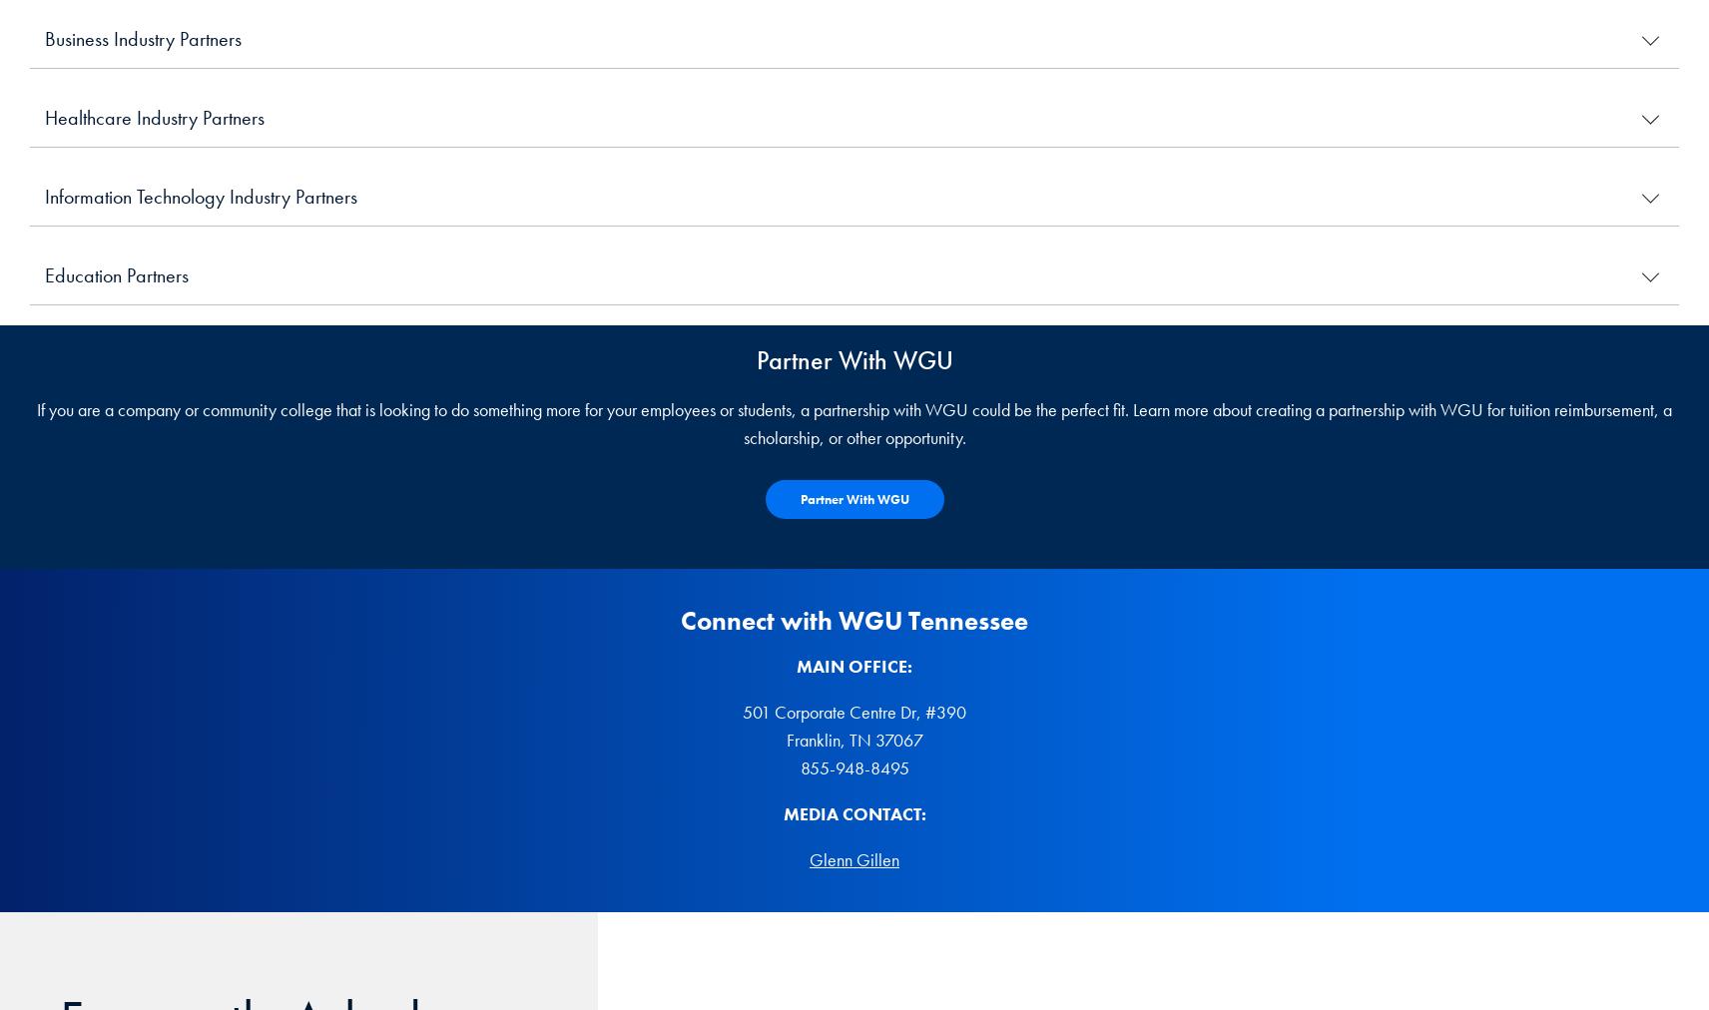  I want to click on 'Lemoyne-Owen College', so click(129, 402).